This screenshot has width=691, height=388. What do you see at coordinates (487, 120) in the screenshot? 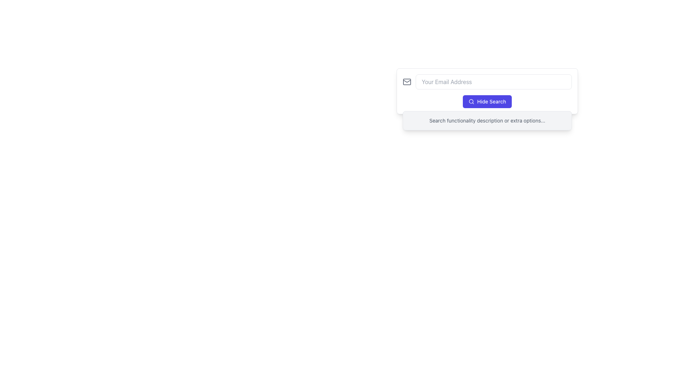
I see `the Text Label that provides information about the associated search feature, located below the 'Hide Search' button` at bounding box center [487, 120].